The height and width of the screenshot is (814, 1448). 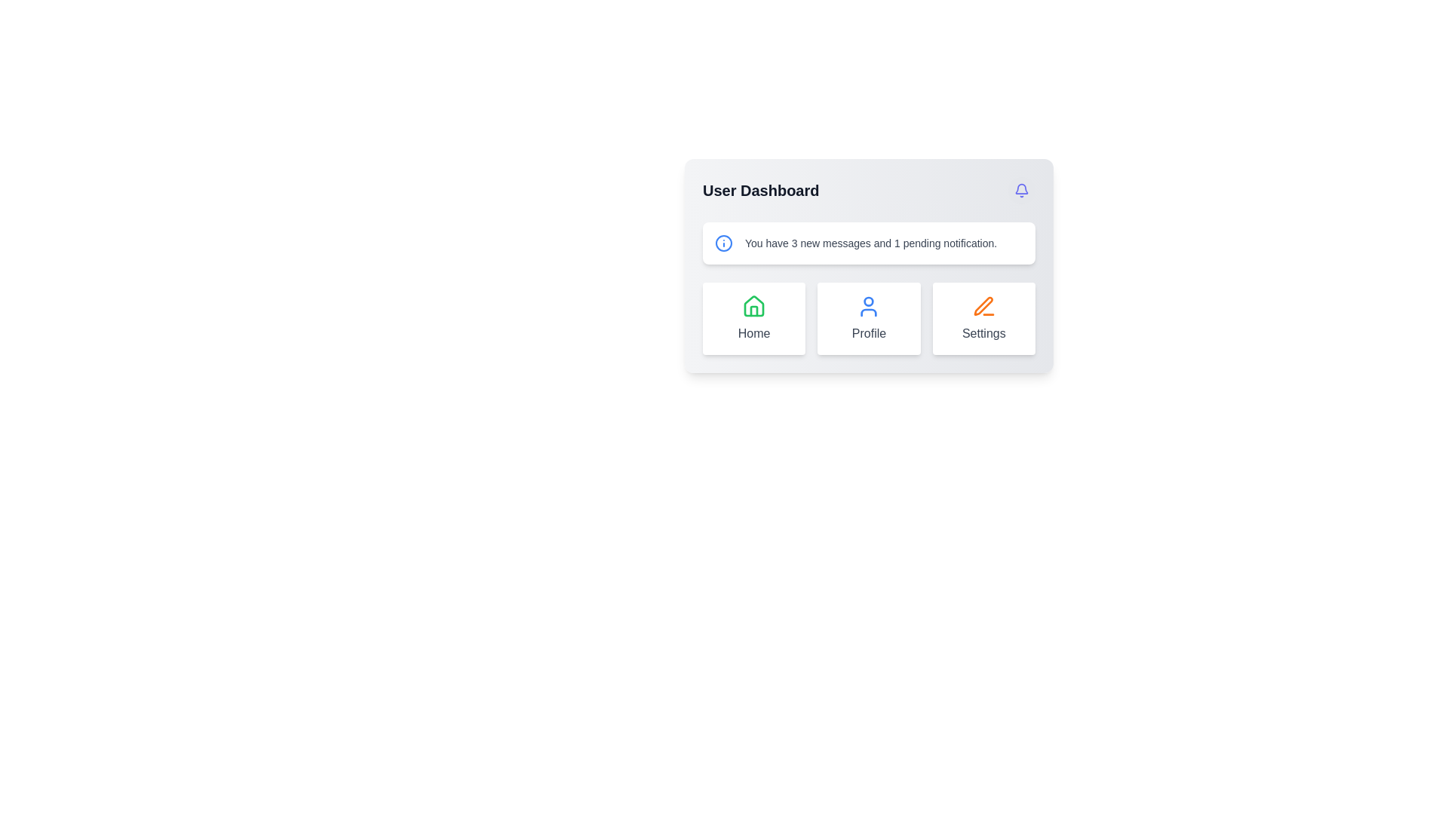 I want to click on the Card element styled with a white background, rounded corners, and a blue user icon at the top, containing the text 'Profile' in gray, located in the center slot of a three-column grid, so click(x=869, y=318).